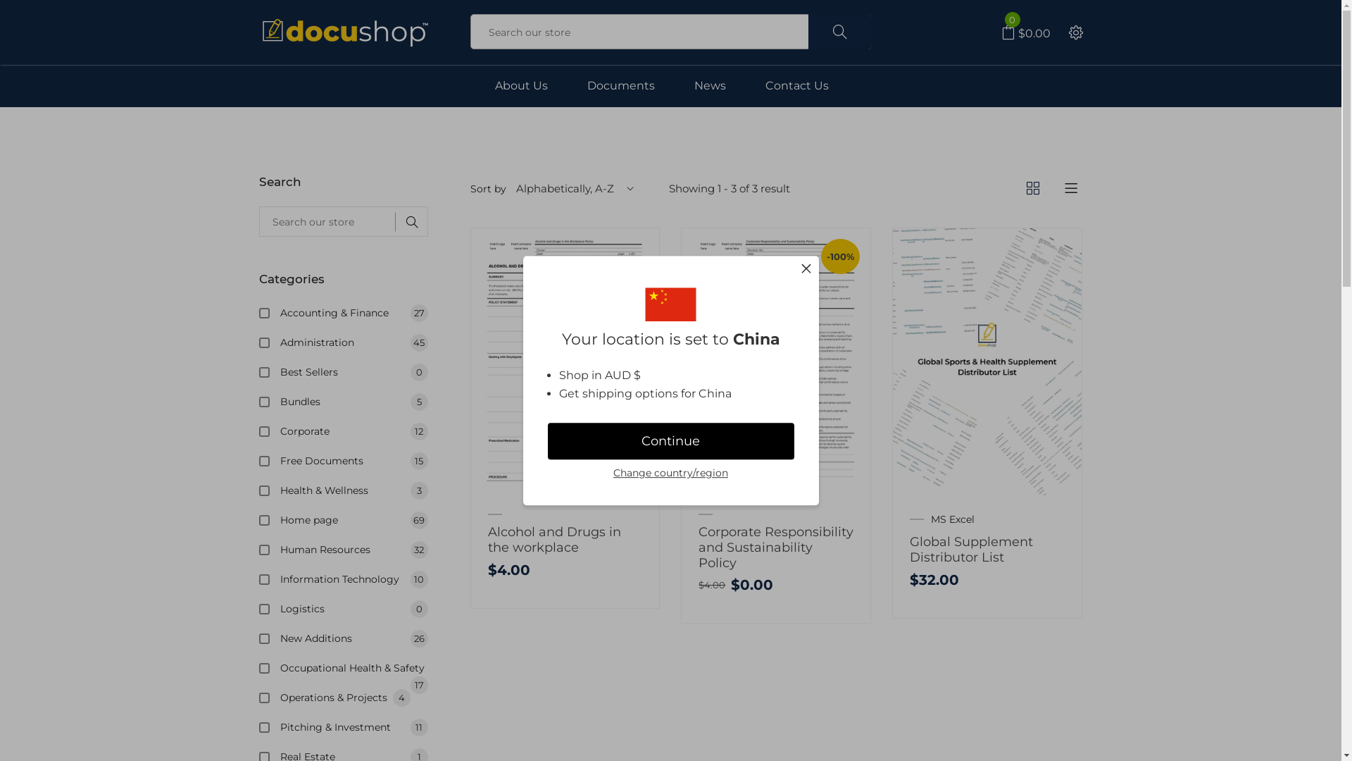 This screenshot has height=761, width=1352. Describe the element at coordinates (354, 489) in the screenshot. I see `'Health & Wellness` at that location.